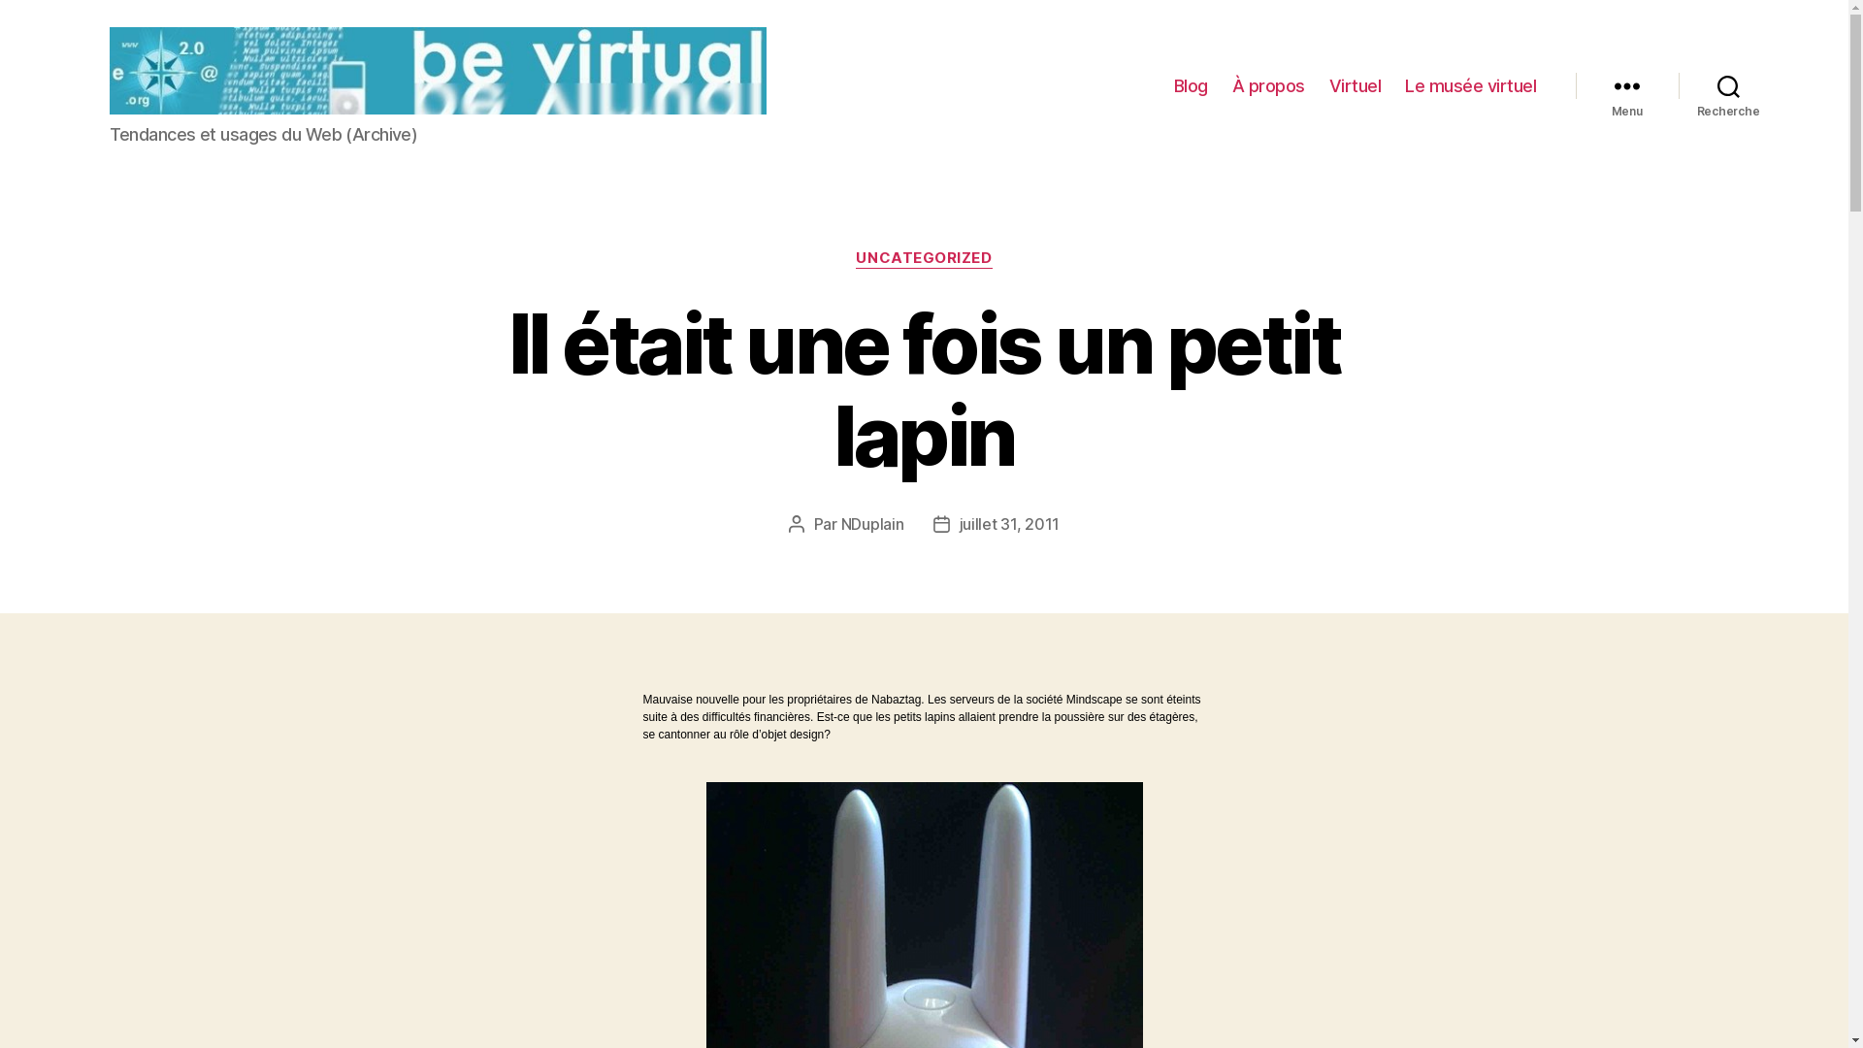 The image size is (1863, 1048). What do you see at coordinates (871, 524) in the screenshot?
I see `'NDuplain'` at bounding box center [871, 524].